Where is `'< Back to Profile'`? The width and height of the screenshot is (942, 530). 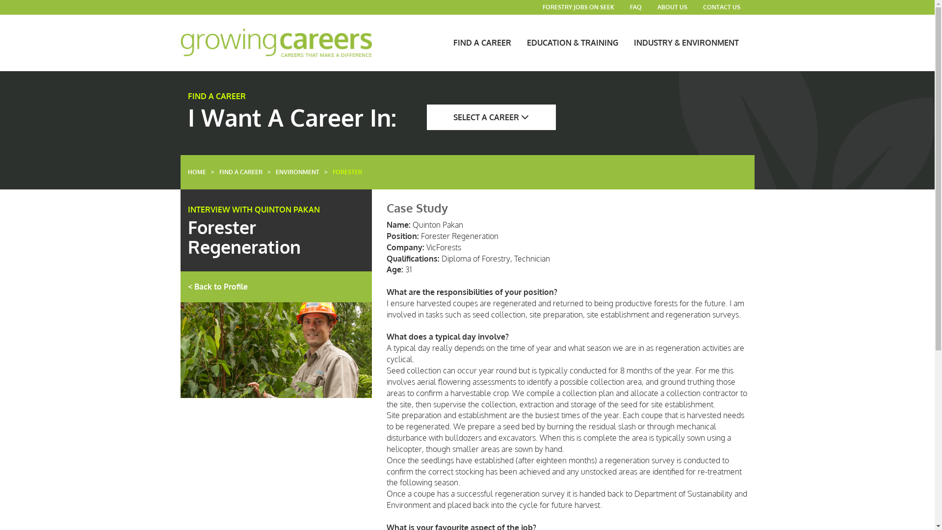 '< Back to Profile' is located at coordinates (275, 287).